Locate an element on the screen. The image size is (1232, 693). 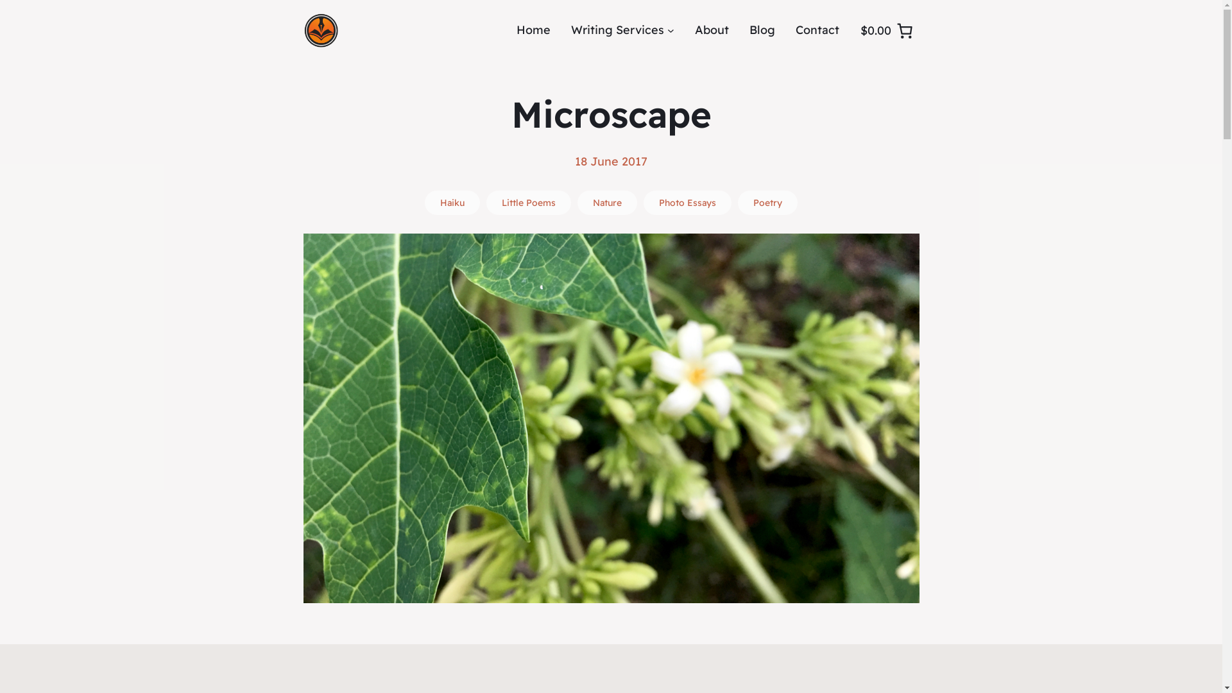
'Writing Services' is located at coordinates (617, 30).